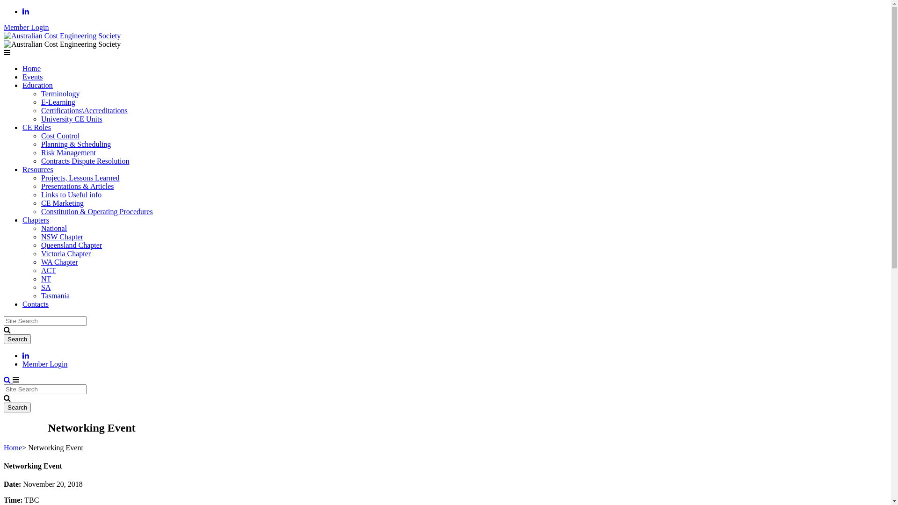 This screenshot has height=505, width=898. Describe the element at coordinates (71, 245) in the screenshot. I see `'Queensland Chapter'` at that location.